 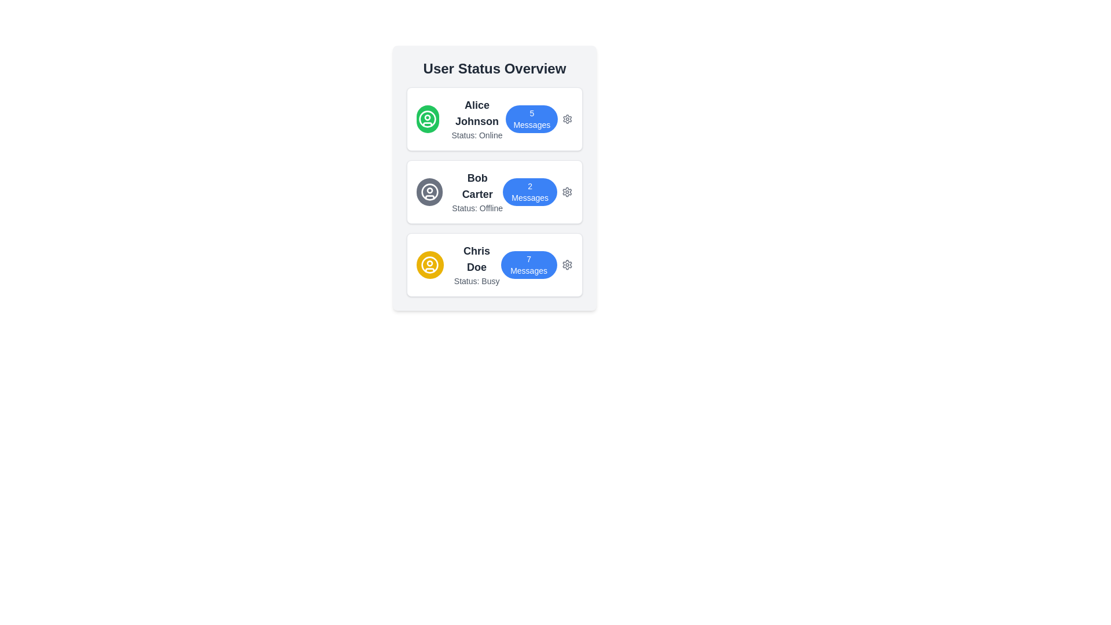 I want to click on the user 'Bob Carter' icon, which is the second item in a vertically stacked list, visually representing his avatar or profile picture, so click(x=429, y=191).